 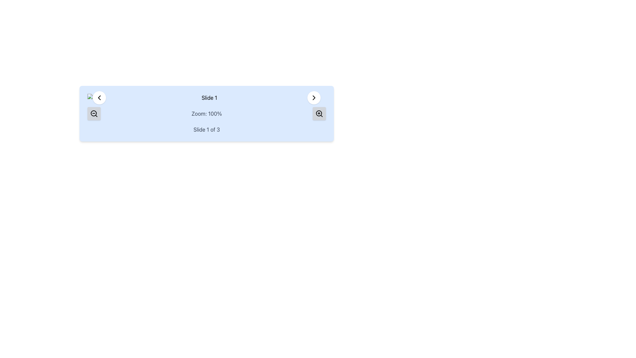 I want to click on properties of the central circular part of the magnifying glass icon located near the bottom right corner of the interface, so click(x=319, y=113).